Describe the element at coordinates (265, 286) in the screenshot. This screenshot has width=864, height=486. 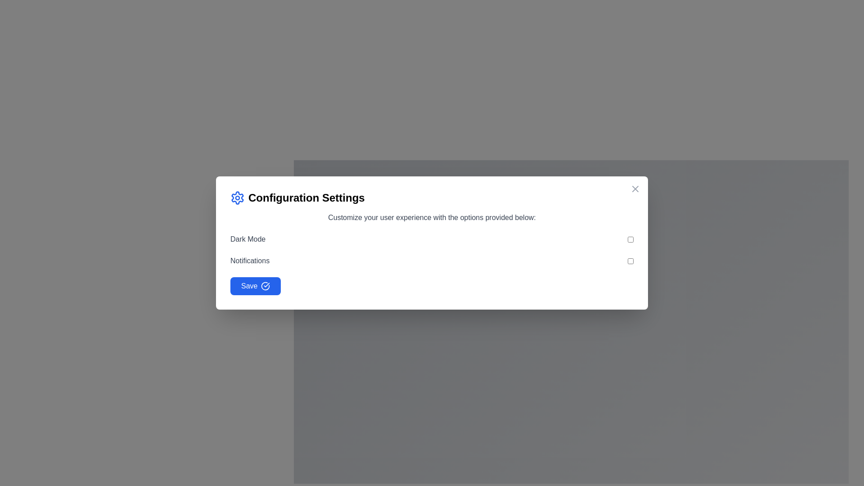
I see `the confirmation icon located to the right of the 'Save' text within the blue button at the bottom-left corner of the dialog box for its status indication` at that location.